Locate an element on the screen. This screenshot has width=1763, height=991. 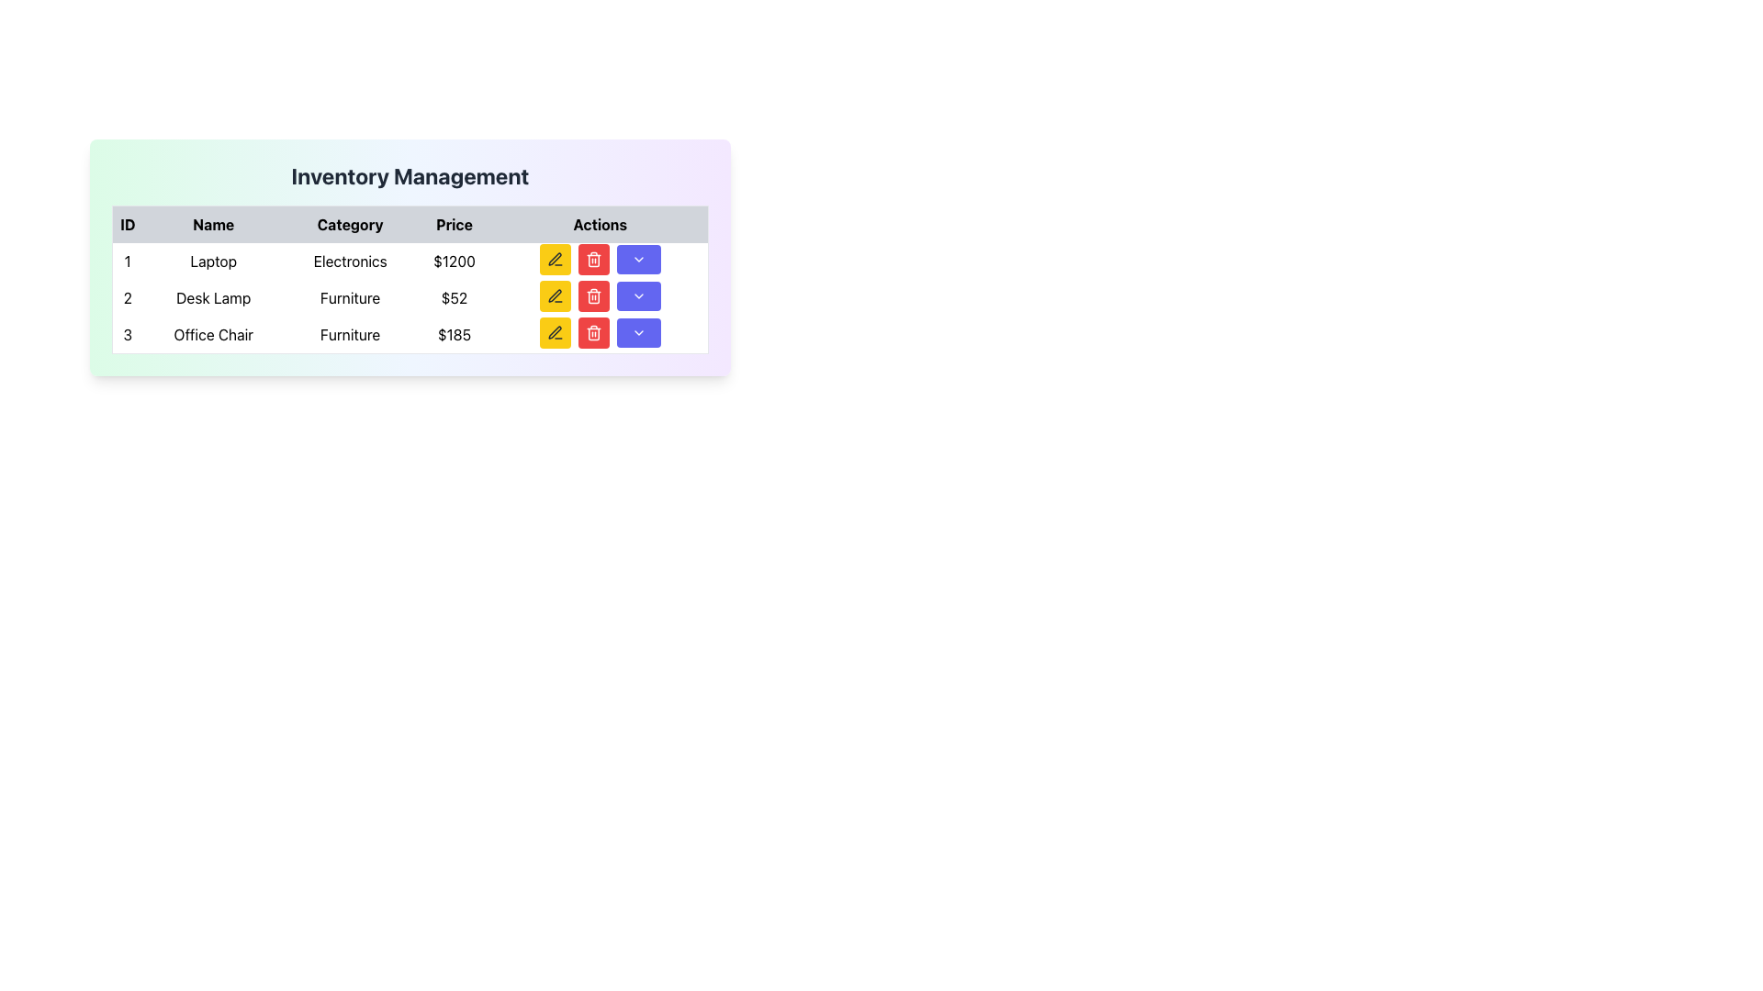
the 'Price' label, which is a bold black text centered in a light gray rectangular cell in the header row is located at coordinates (454, 223).